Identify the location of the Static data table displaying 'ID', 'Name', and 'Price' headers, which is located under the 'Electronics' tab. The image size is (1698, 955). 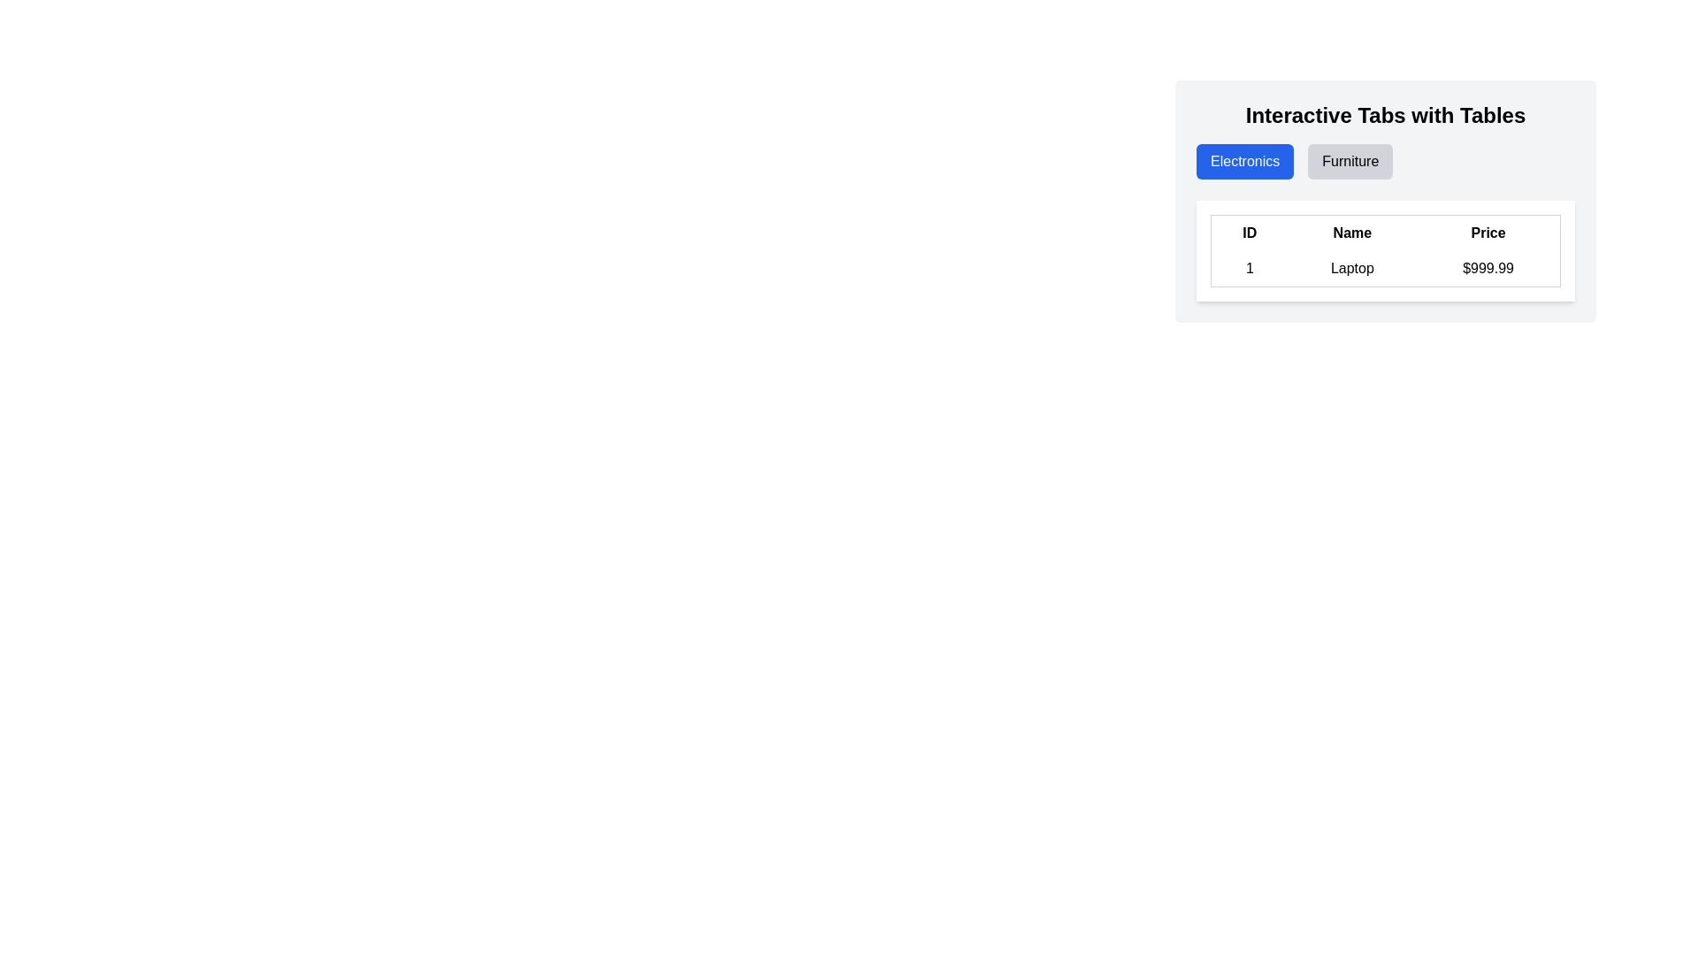
(1384, 251).